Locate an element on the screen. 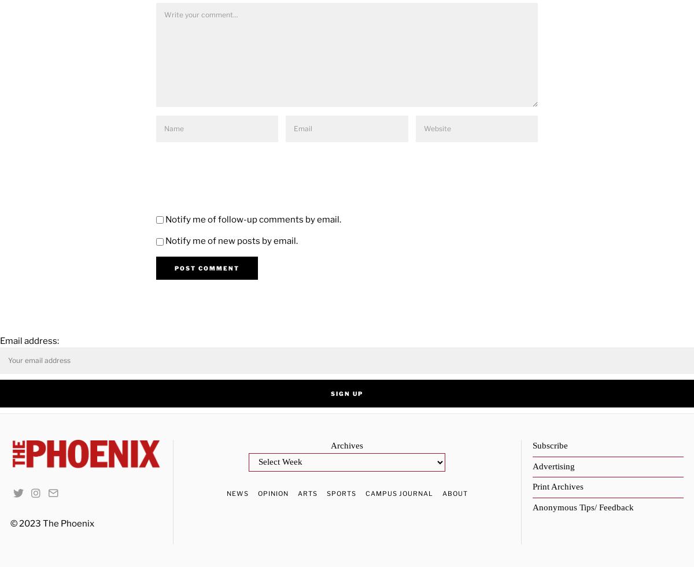 Image resolution: width=694 pixels, height=567 pixels. 'Advertising' is located at coordinates (553, 466).